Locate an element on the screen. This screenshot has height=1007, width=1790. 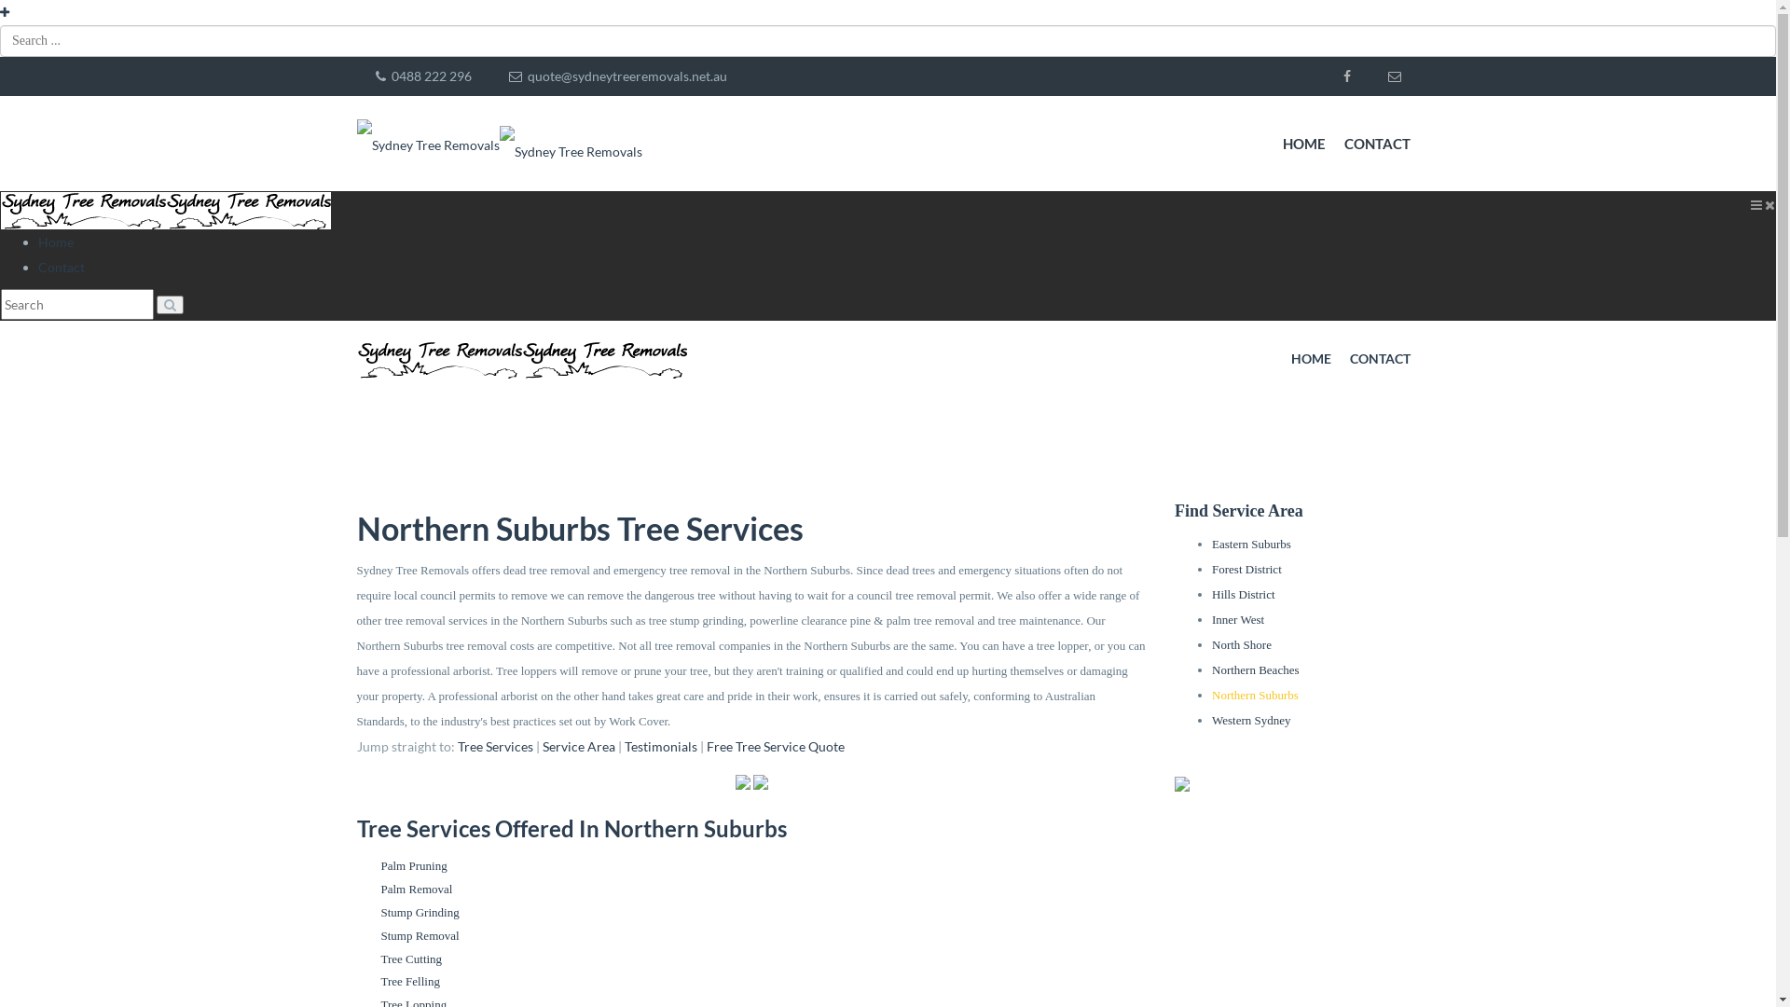
'  quote@sydneytreeremovals.net.au' is located at coordinates (617, 75).